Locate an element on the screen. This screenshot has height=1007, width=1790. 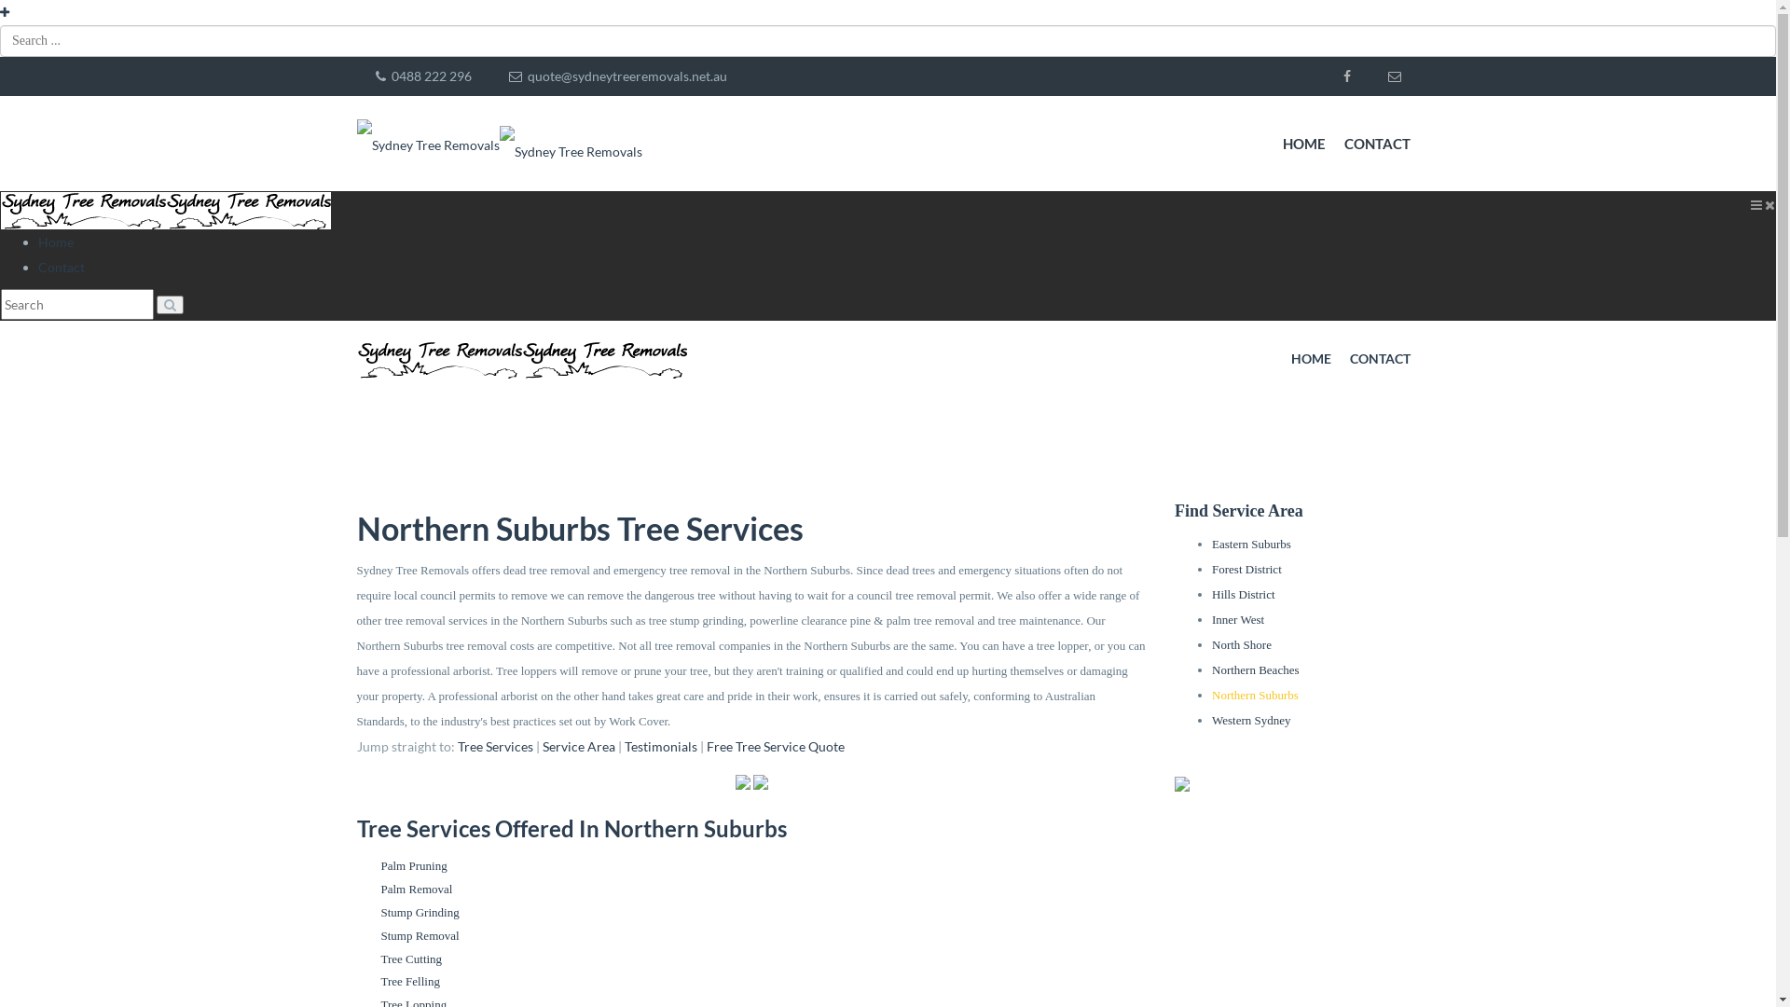
'  quote@sydneytreeremovals.net.au' is located at coordinates (617, 75).